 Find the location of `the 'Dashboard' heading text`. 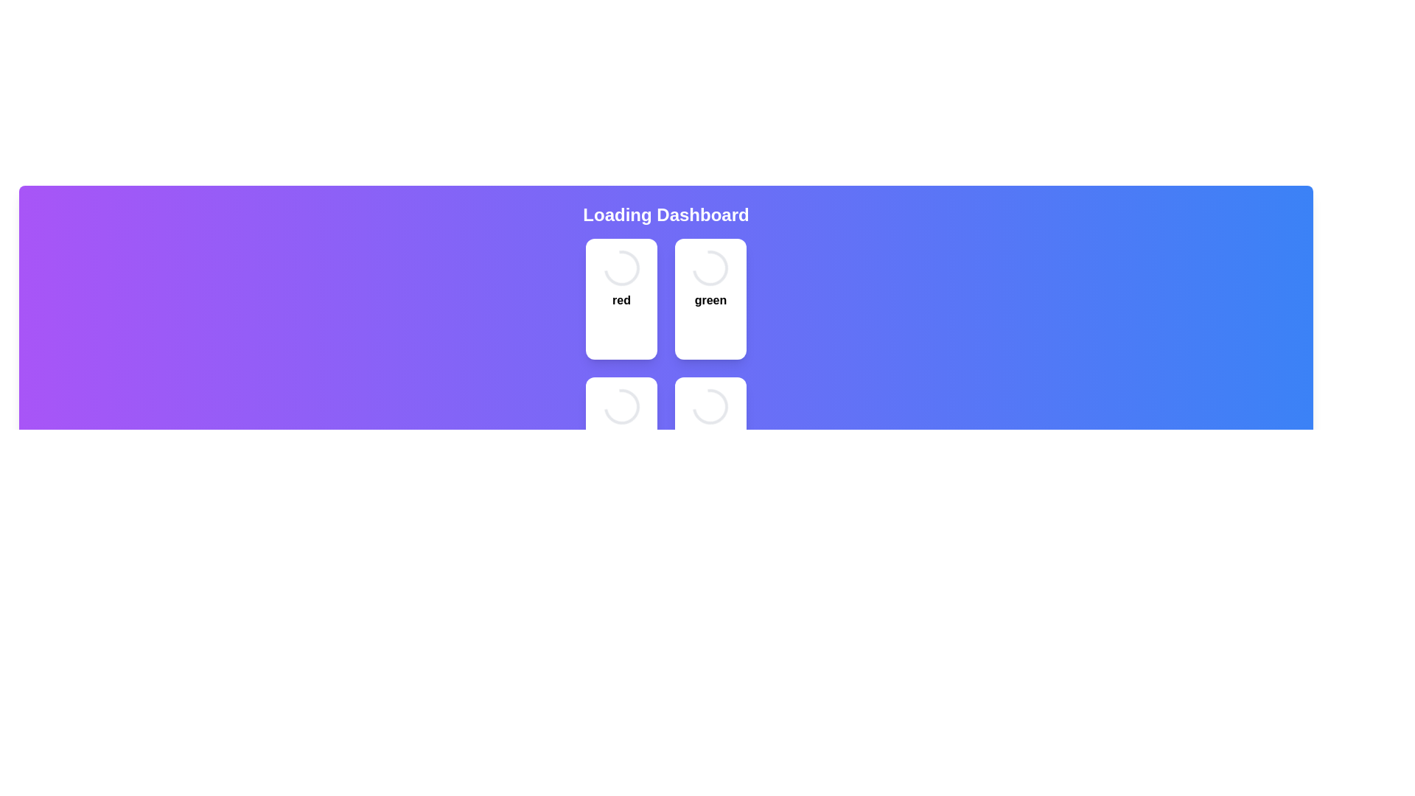

the 'Dashboard' heading text is located at coordinates (665, 215).